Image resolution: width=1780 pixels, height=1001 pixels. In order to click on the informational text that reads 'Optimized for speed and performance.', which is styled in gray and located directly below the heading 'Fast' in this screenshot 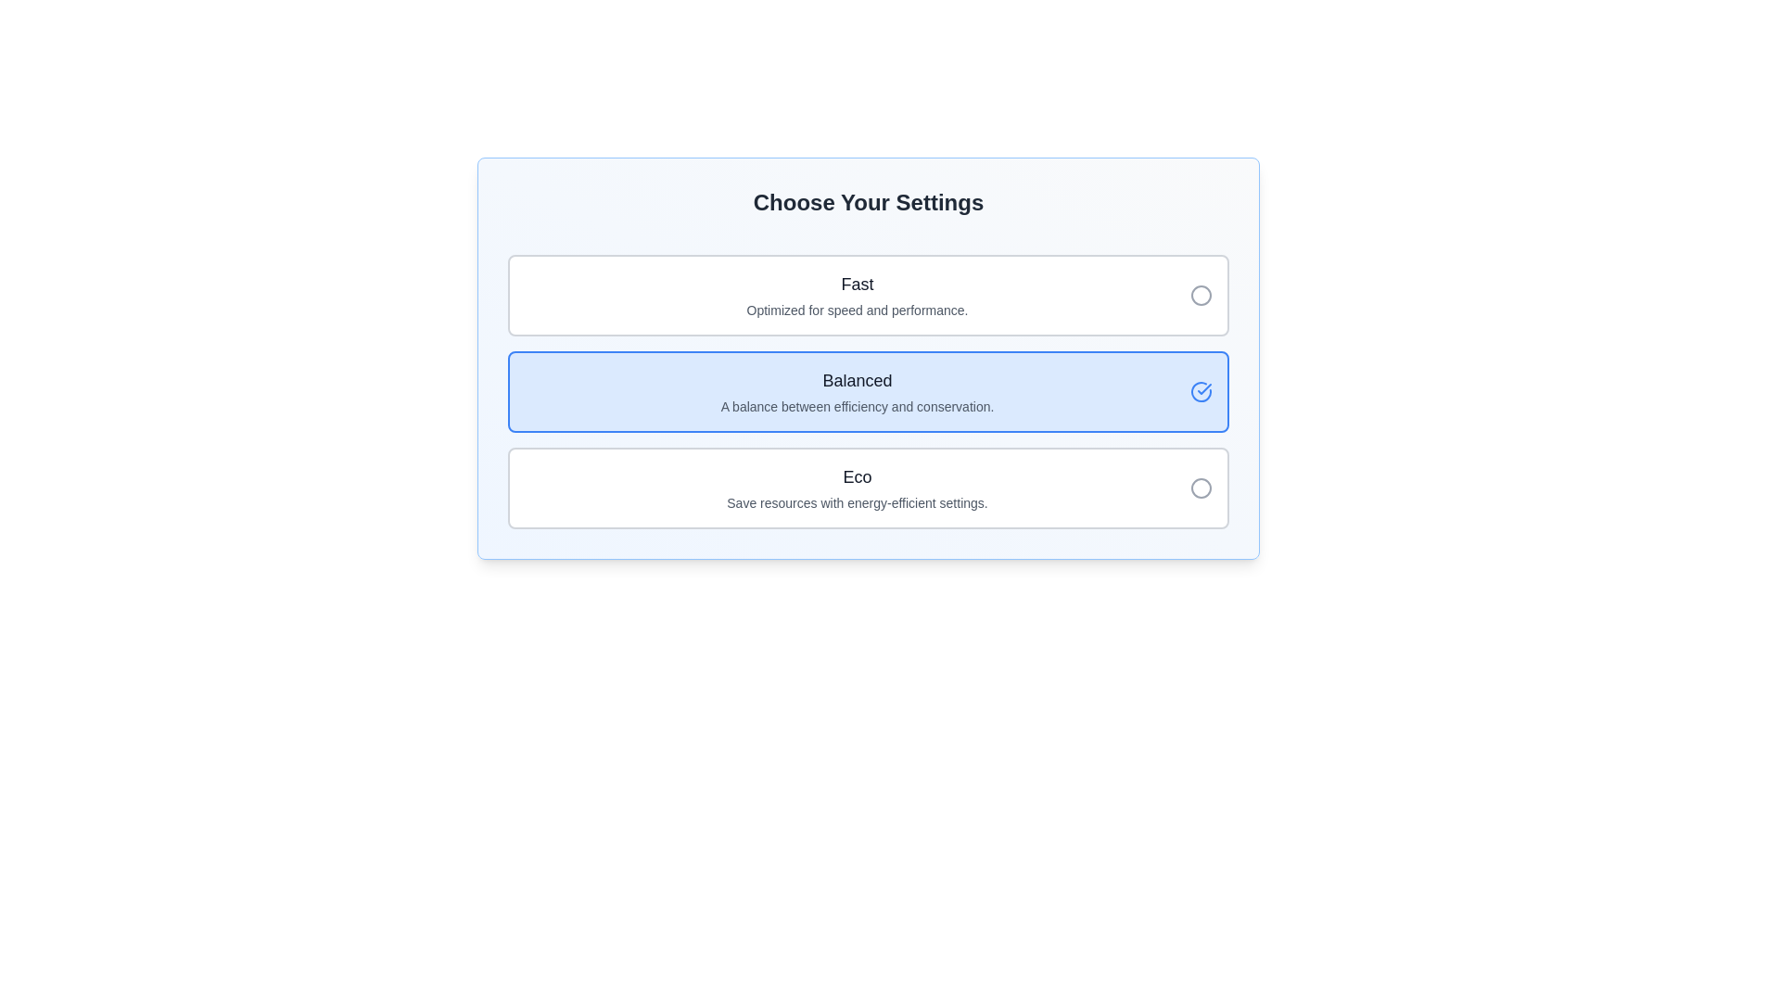, I will do `click(857, 310)`.